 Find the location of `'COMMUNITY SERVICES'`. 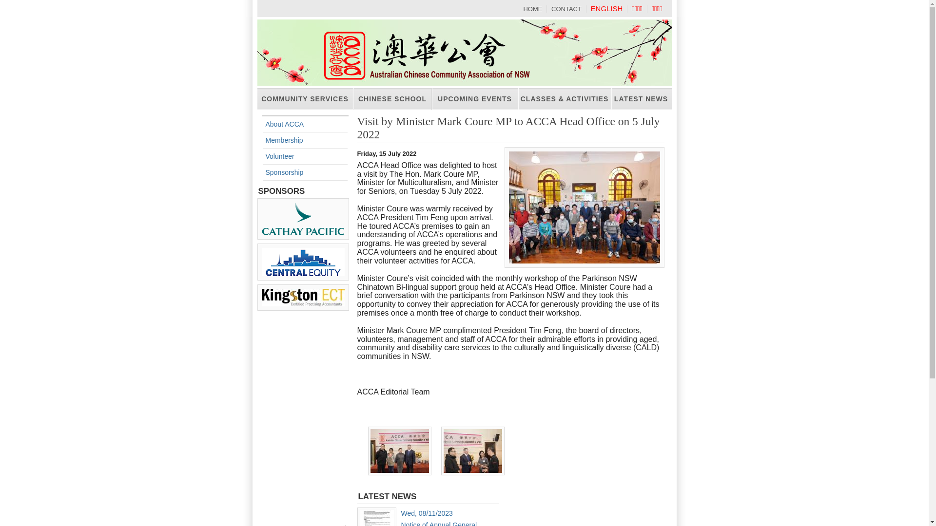

'COMMUNITY SERVICES' is located at coordinates (305, 99).